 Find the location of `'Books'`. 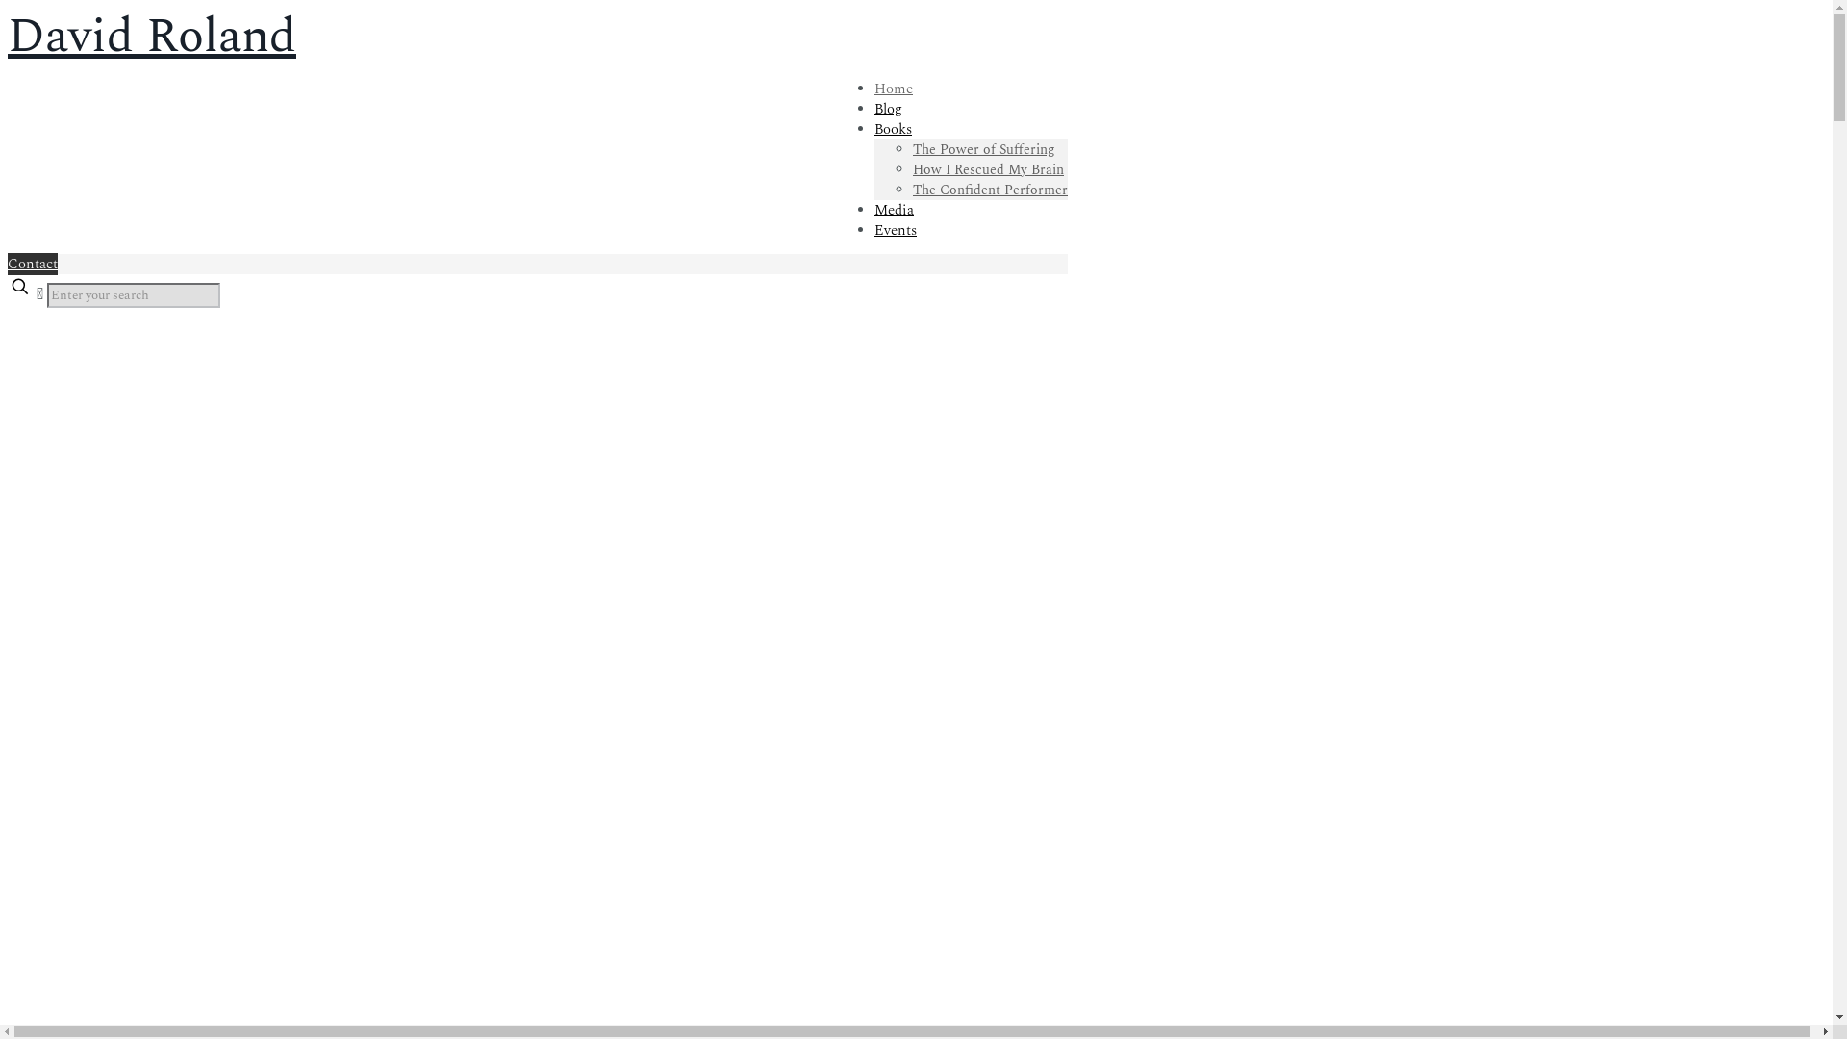

'Books' is located at coordinates (892, 129).